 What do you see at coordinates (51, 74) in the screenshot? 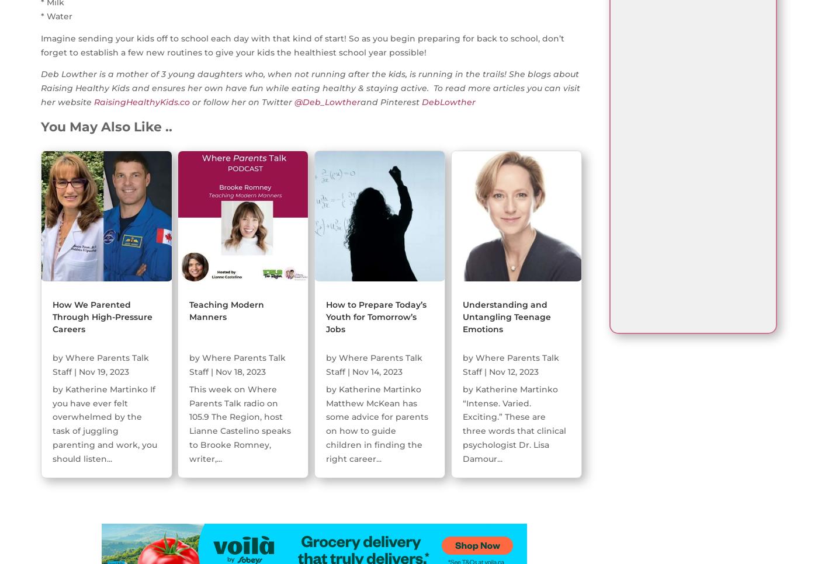
I see `'Deb'` at bounding box center [51, 74].